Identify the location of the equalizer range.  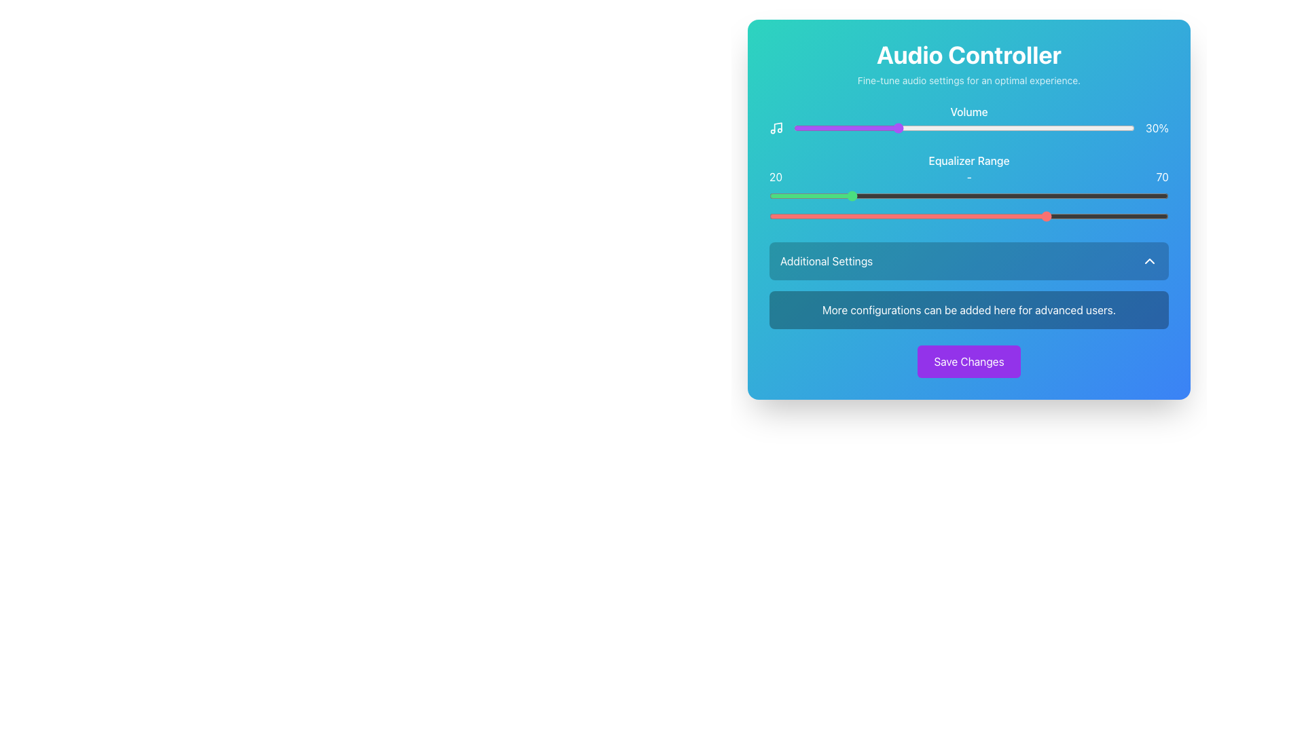
(837, 216).